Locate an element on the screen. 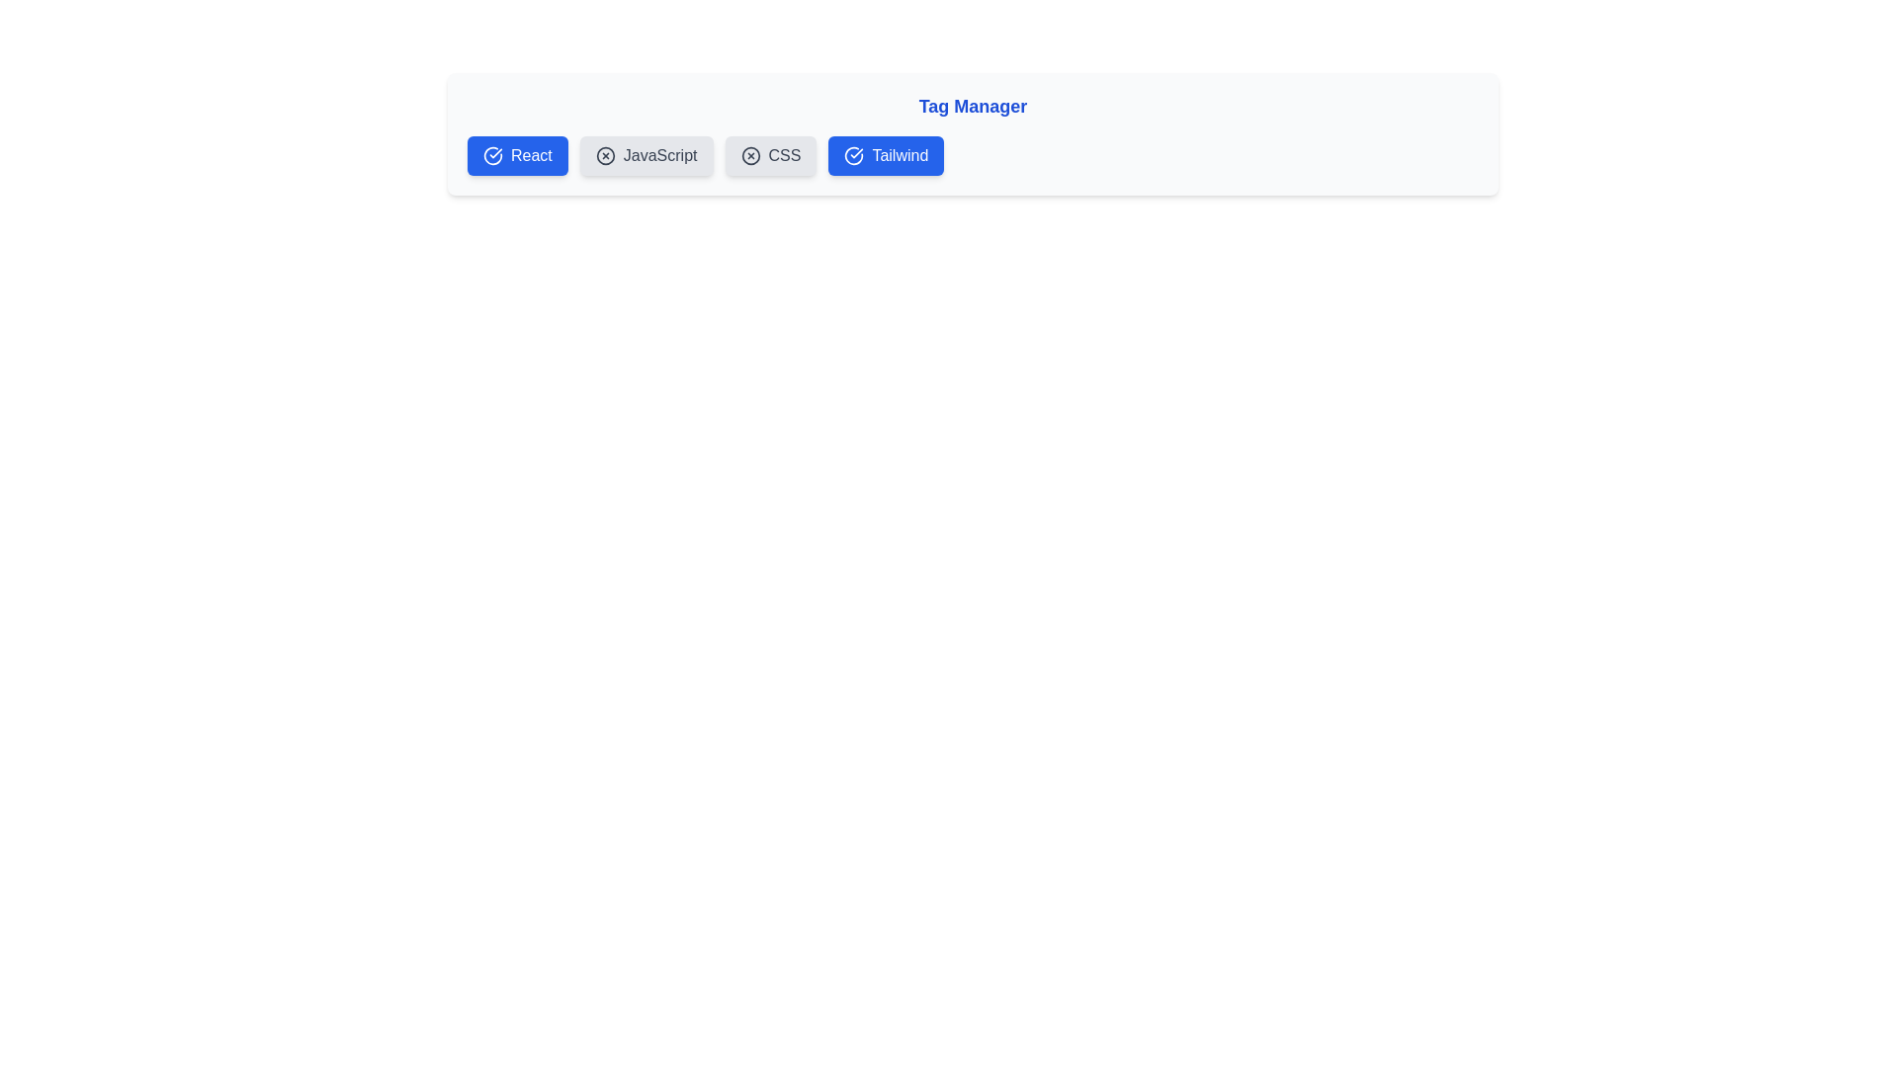  the tag labeled JavaScript is located at coordinates (647, 155).